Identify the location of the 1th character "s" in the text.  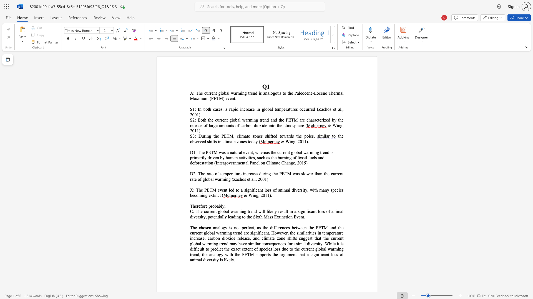
(225, 152).